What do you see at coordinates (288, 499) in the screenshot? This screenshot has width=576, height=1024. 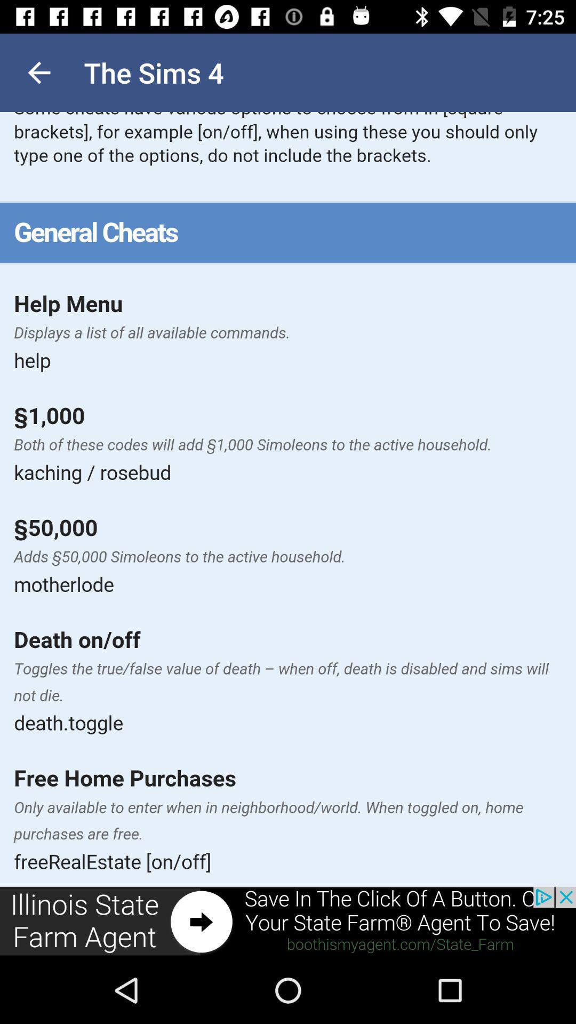 I see `go through the details of sims 4` at bounding box center [288, 499].